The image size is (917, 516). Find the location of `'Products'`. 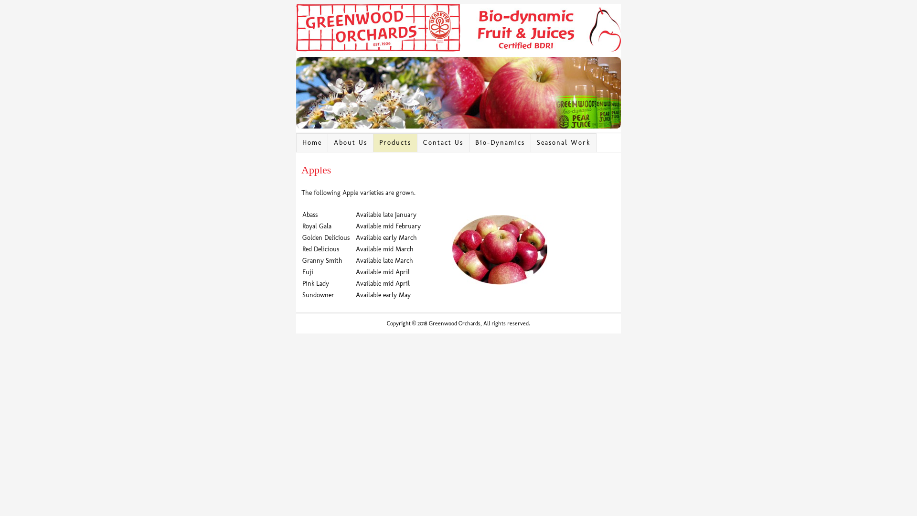

'Products' is located at coordinates (395, 143).